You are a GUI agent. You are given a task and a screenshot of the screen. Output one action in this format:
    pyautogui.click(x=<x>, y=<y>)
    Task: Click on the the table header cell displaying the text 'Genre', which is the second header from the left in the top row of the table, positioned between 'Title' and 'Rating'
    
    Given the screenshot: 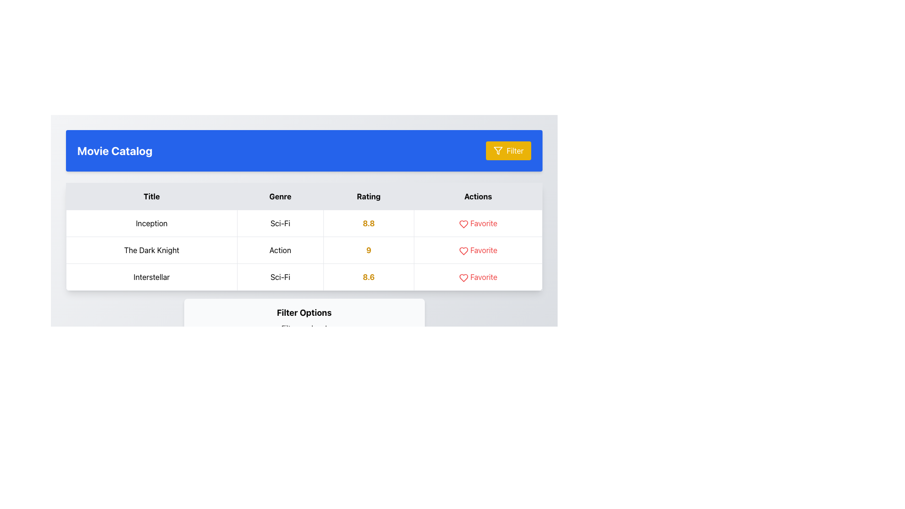 What is the action you would take?
    pyautogui.click(x=280, y=196)
    